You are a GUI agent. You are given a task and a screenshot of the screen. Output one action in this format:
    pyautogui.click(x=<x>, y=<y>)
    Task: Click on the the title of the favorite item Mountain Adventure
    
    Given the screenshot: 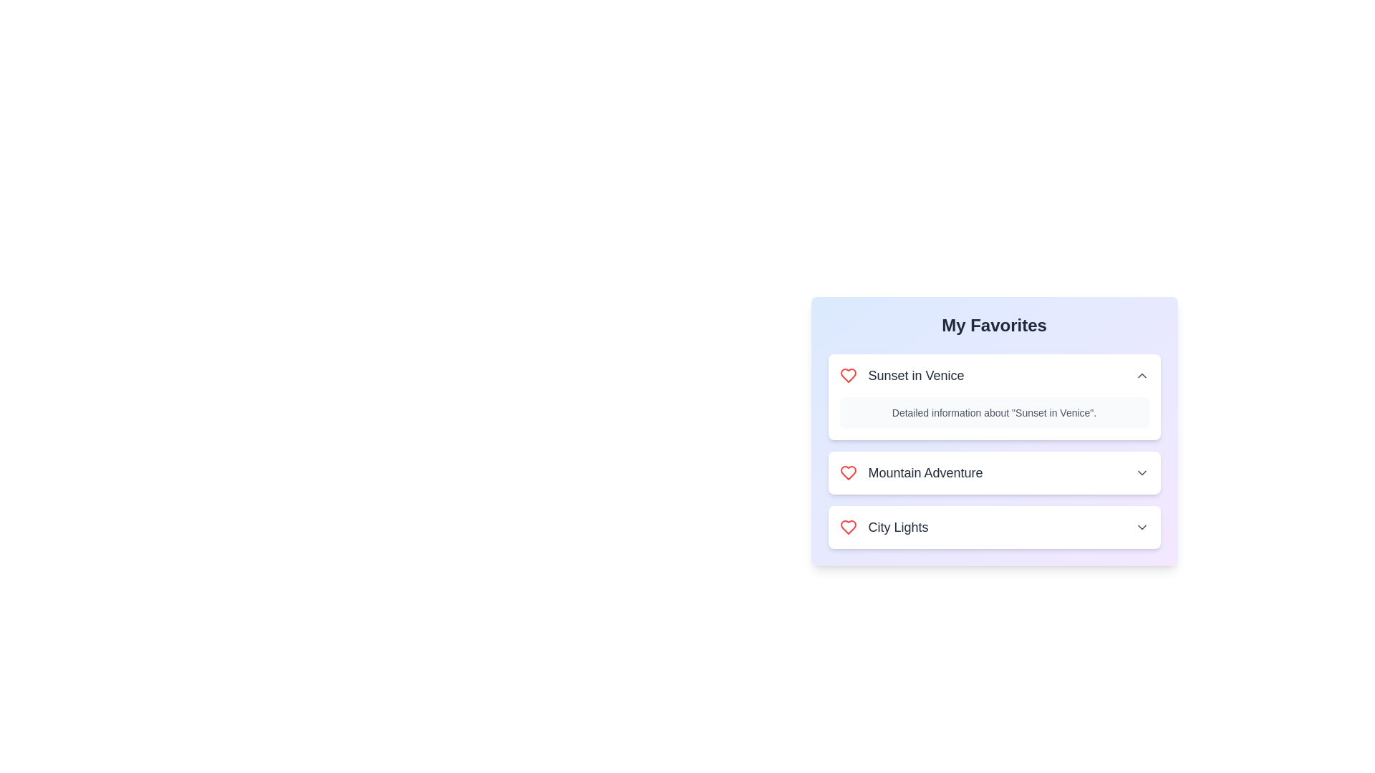 What is the action you would take?
    pyautogui.click(x=910, y=472)
    